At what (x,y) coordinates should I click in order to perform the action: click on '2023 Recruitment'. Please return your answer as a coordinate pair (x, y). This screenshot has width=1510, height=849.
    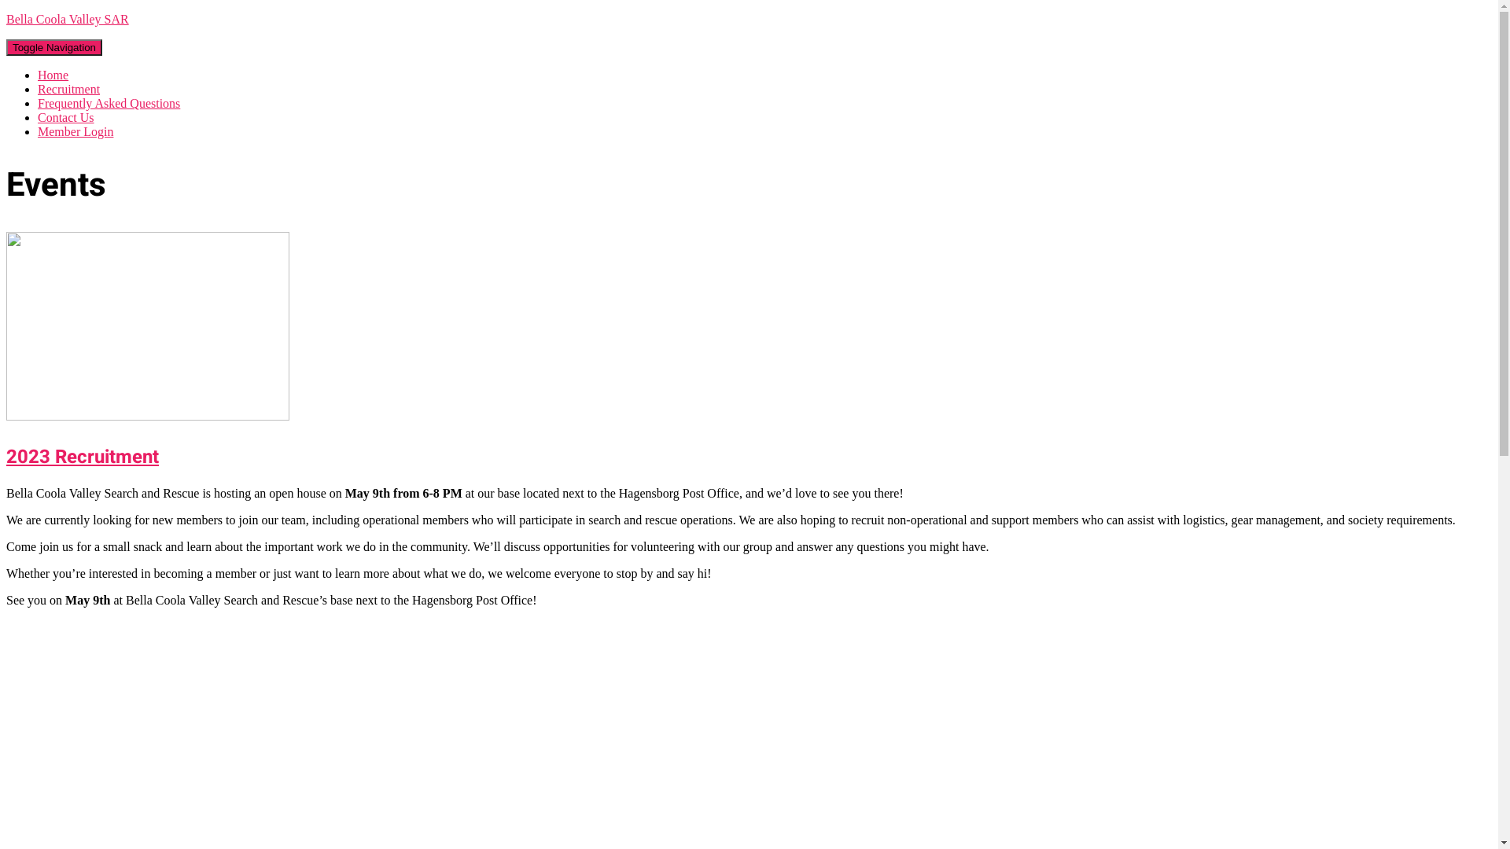
    Looking at the image, I should click on (147, 415).